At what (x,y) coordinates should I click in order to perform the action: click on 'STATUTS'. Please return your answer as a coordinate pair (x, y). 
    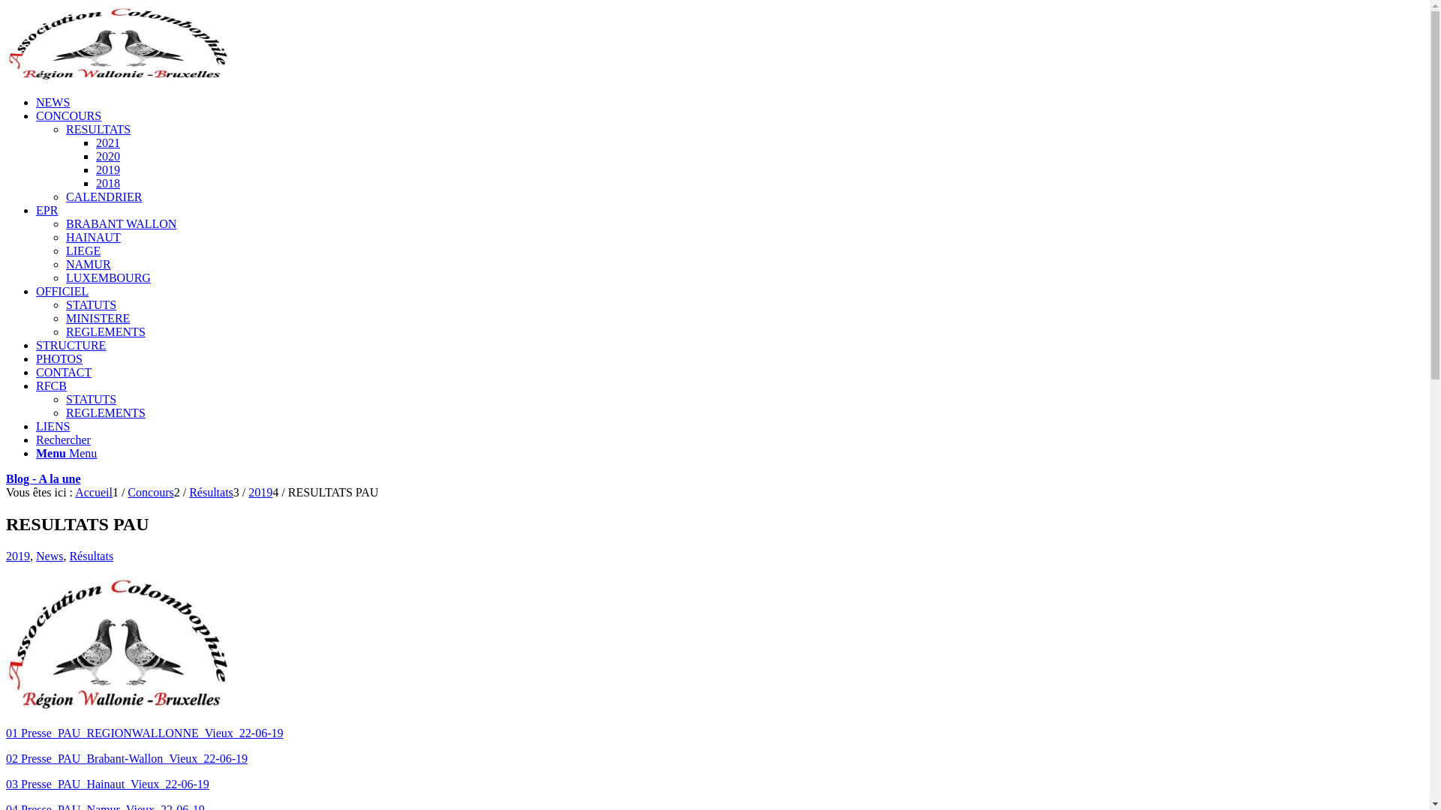
    Looking at the image, I should click on (90, 398).